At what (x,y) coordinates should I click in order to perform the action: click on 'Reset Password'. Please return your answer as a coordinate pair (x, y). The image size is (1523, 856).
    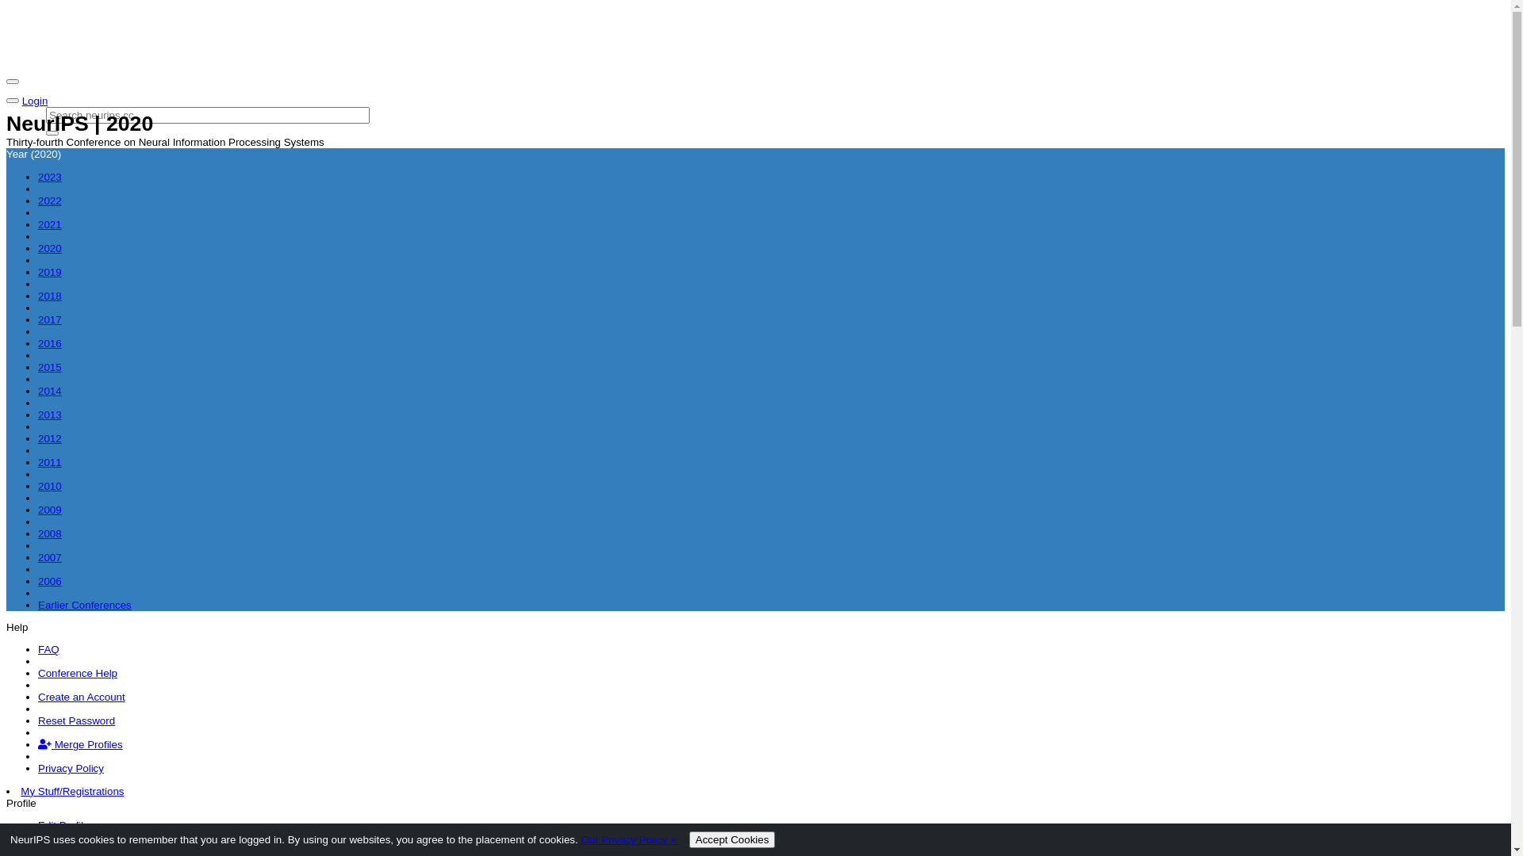
    Looking at the image, I should click on (38, 720).